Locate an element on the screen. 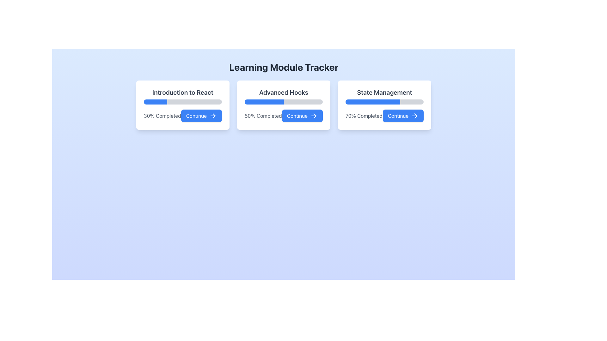  the 'Continue' button located in the bottom-right section of the 'Advanced Hooks' card is located at coordinates (302, 116).